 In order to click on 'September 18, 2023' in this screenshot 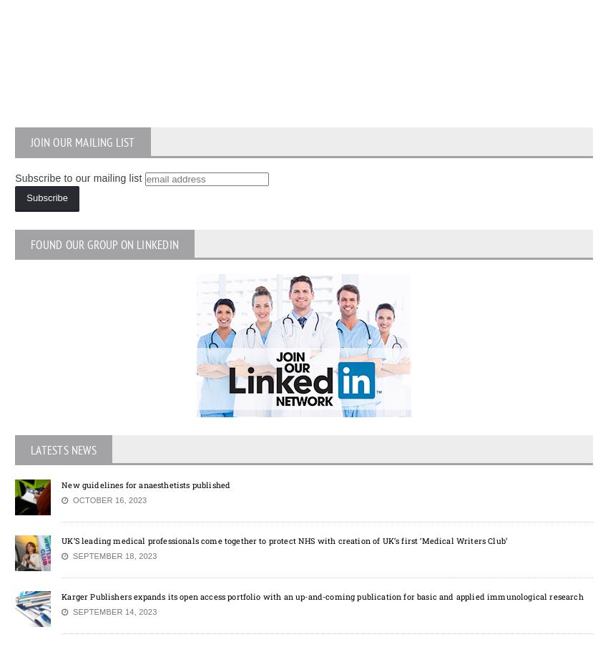, I will do `click(112, 555)`.